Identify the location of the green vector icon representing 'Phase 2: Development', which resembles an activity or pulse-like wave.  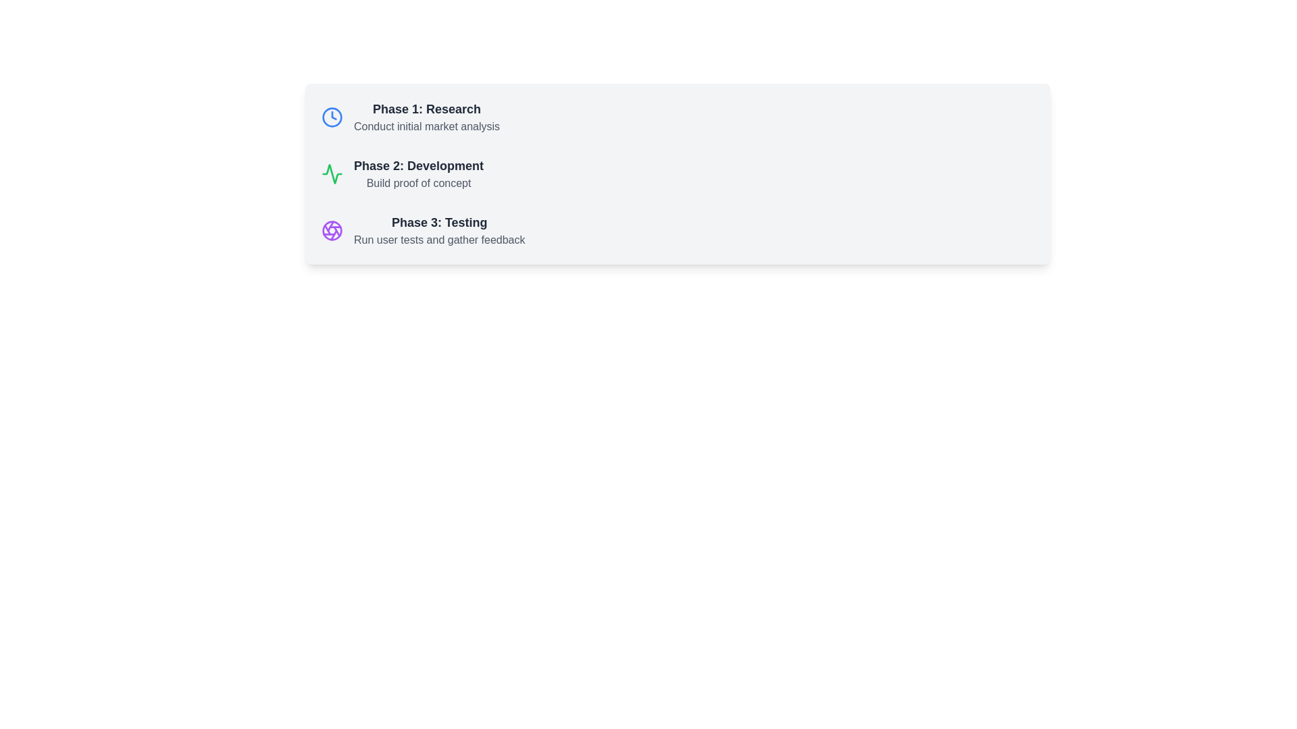
(332, 173).